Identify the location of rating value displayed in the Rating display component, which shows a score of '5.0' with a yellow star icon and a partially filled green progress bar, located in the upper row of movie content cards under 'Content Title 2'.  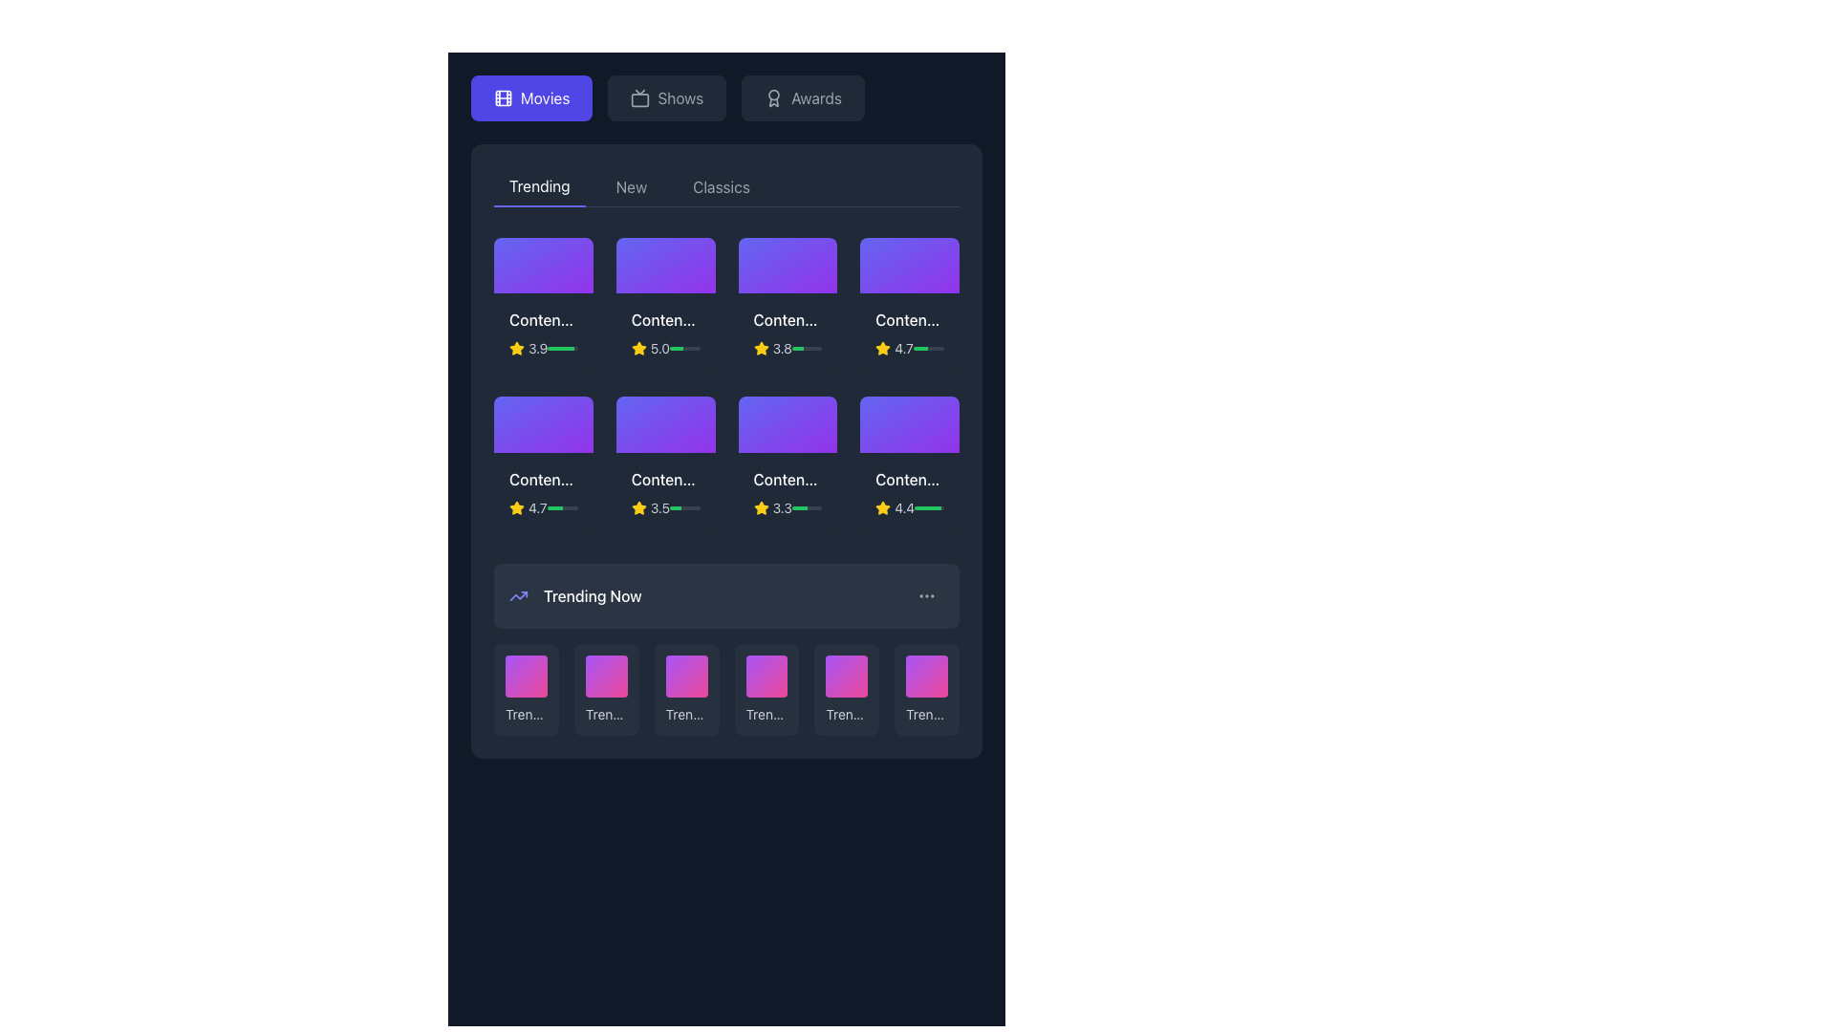
(665, 349).